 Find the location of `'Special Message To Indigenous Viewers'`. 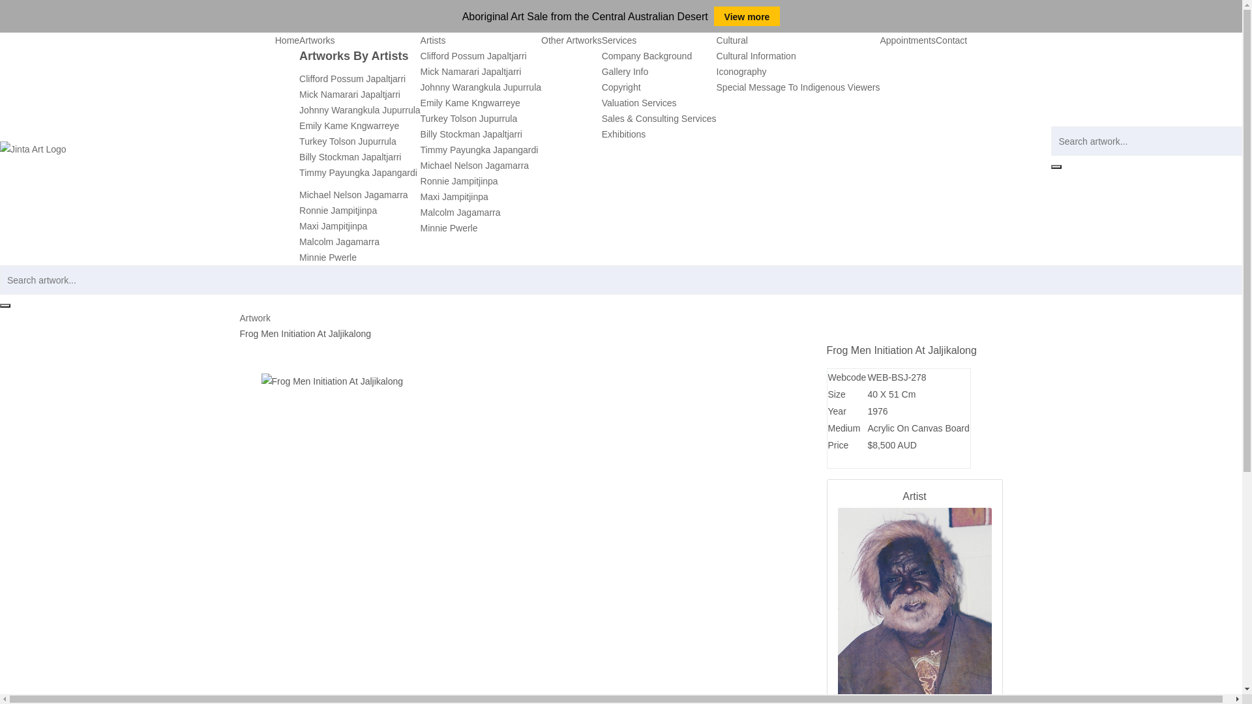

'Special Message To Indigenous Viewers' is located at coordinates (797, 87).